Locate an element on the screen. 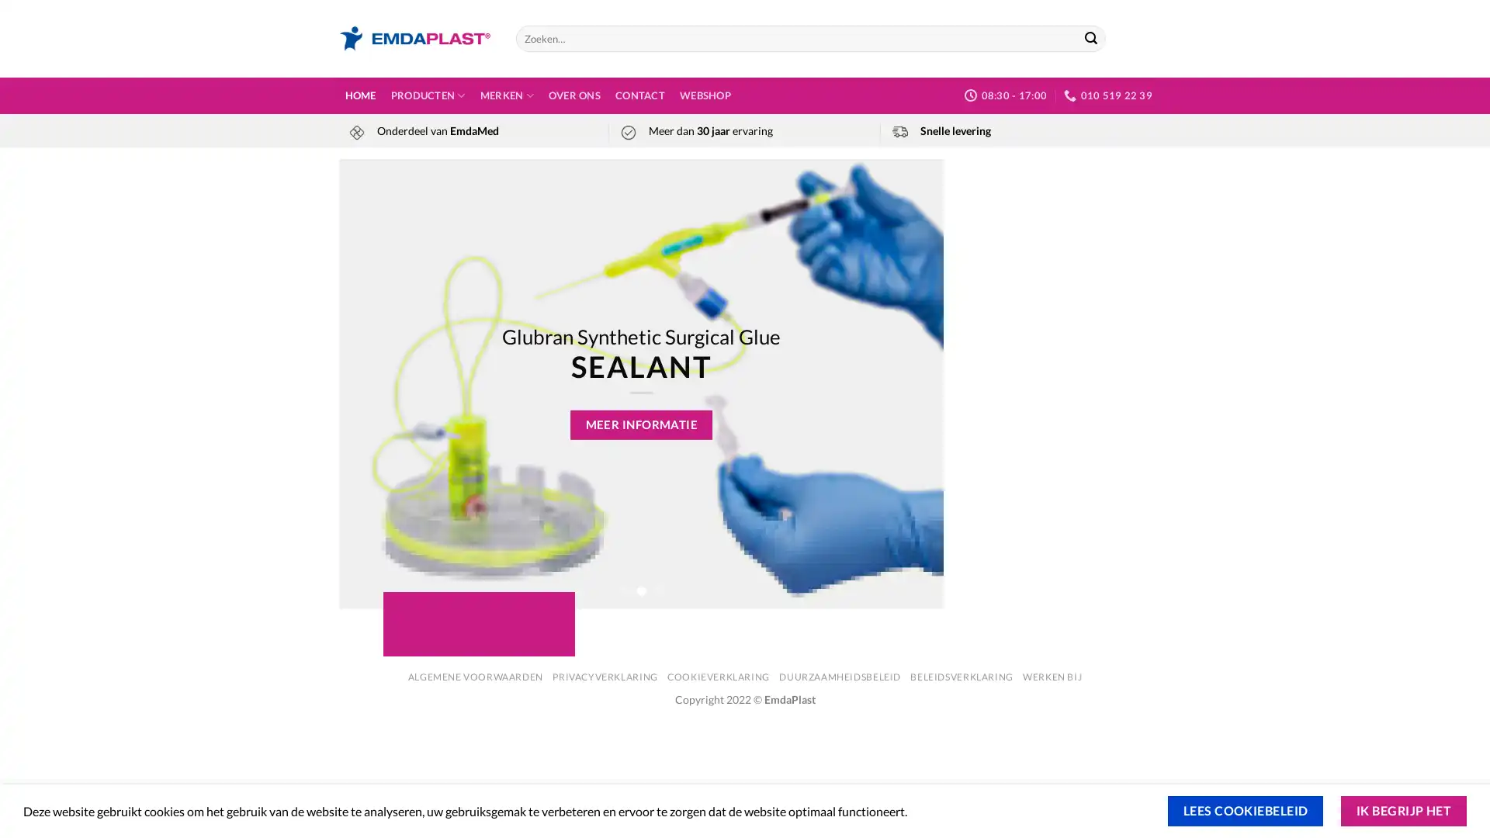 The height and width of the screenshot is (838, 1490). Submit is located at coordinates (1090, 37).